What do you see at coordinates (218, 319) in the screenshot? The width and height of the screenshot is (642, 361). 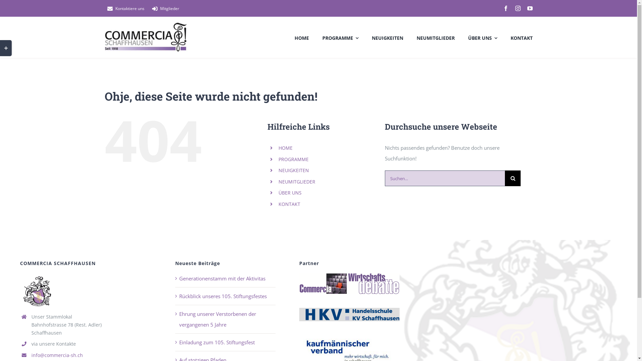 I see `'Ehrung unserer Verstorbenen der vergangenen 5 Jahre'` at bounding box center [218, 319].